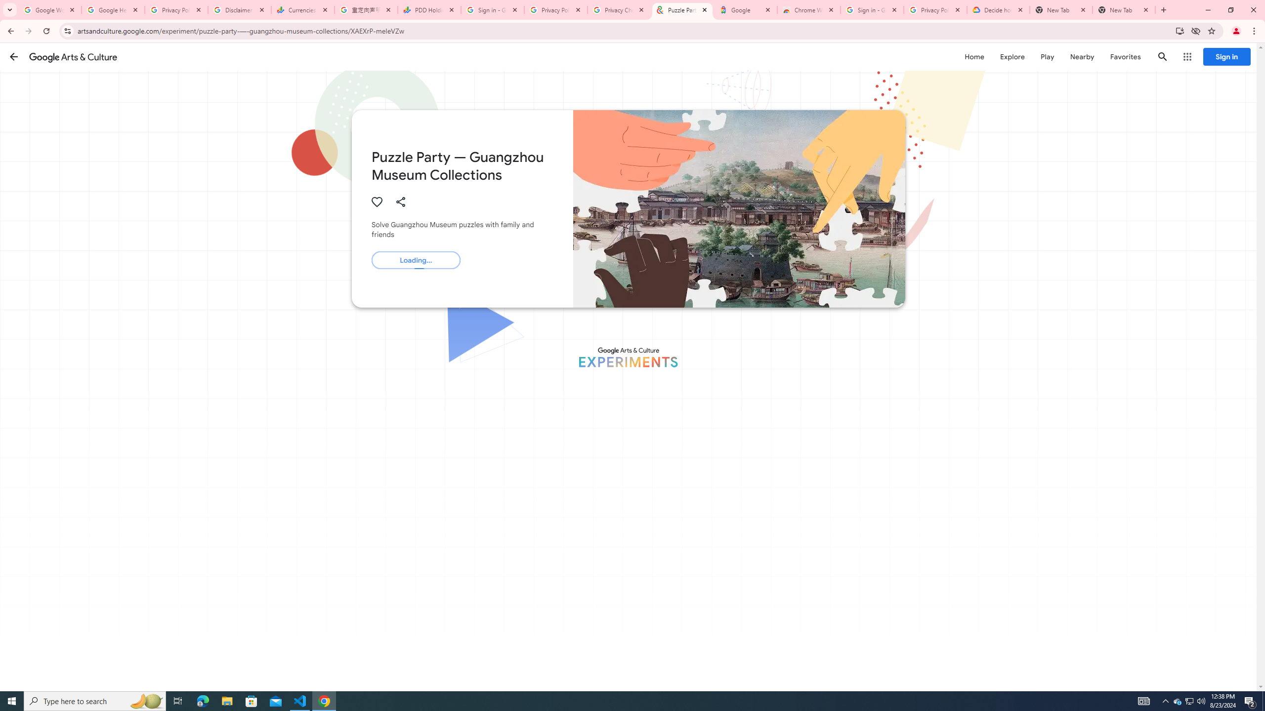 The width and height of the screenshot is (1265, 711). I want to click on 'Favorites', so click(1125, 56).